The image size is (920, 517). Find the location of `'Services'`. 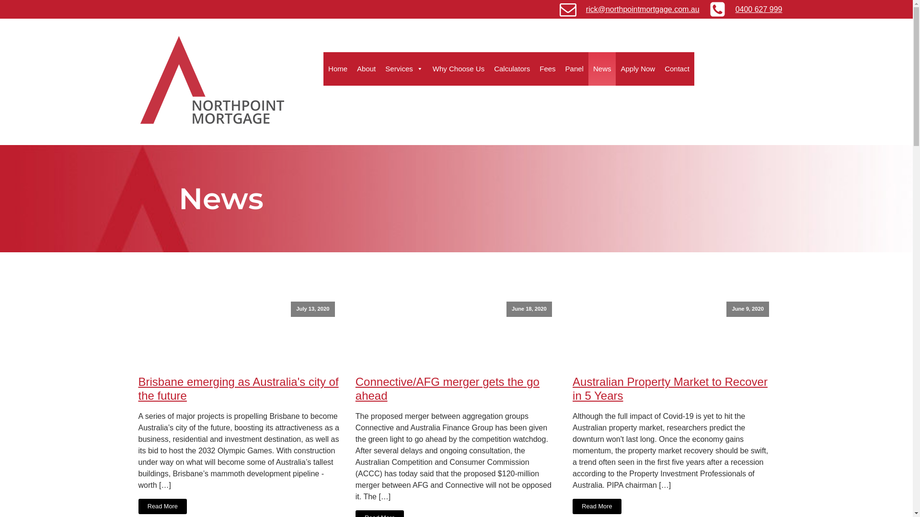

'Services' is located at coordinates (404, 68).